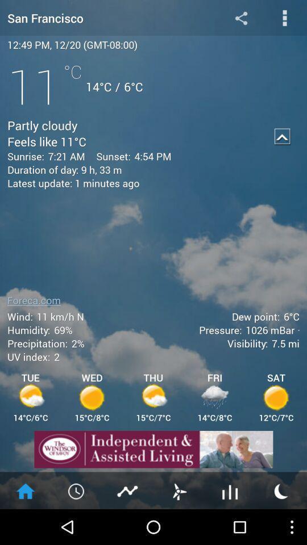 The width and height of the screenshot is (307, 545). I want to click on the weather icon, so click(281, 525).